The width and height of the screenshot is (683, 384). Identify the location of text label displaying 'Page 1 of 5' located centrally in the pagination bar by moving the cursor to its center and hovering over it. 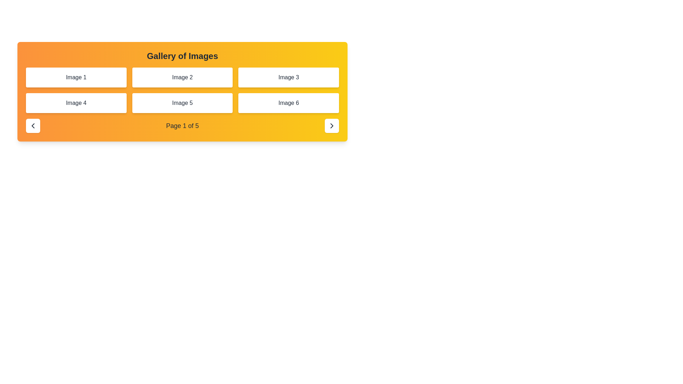
(182, 126).